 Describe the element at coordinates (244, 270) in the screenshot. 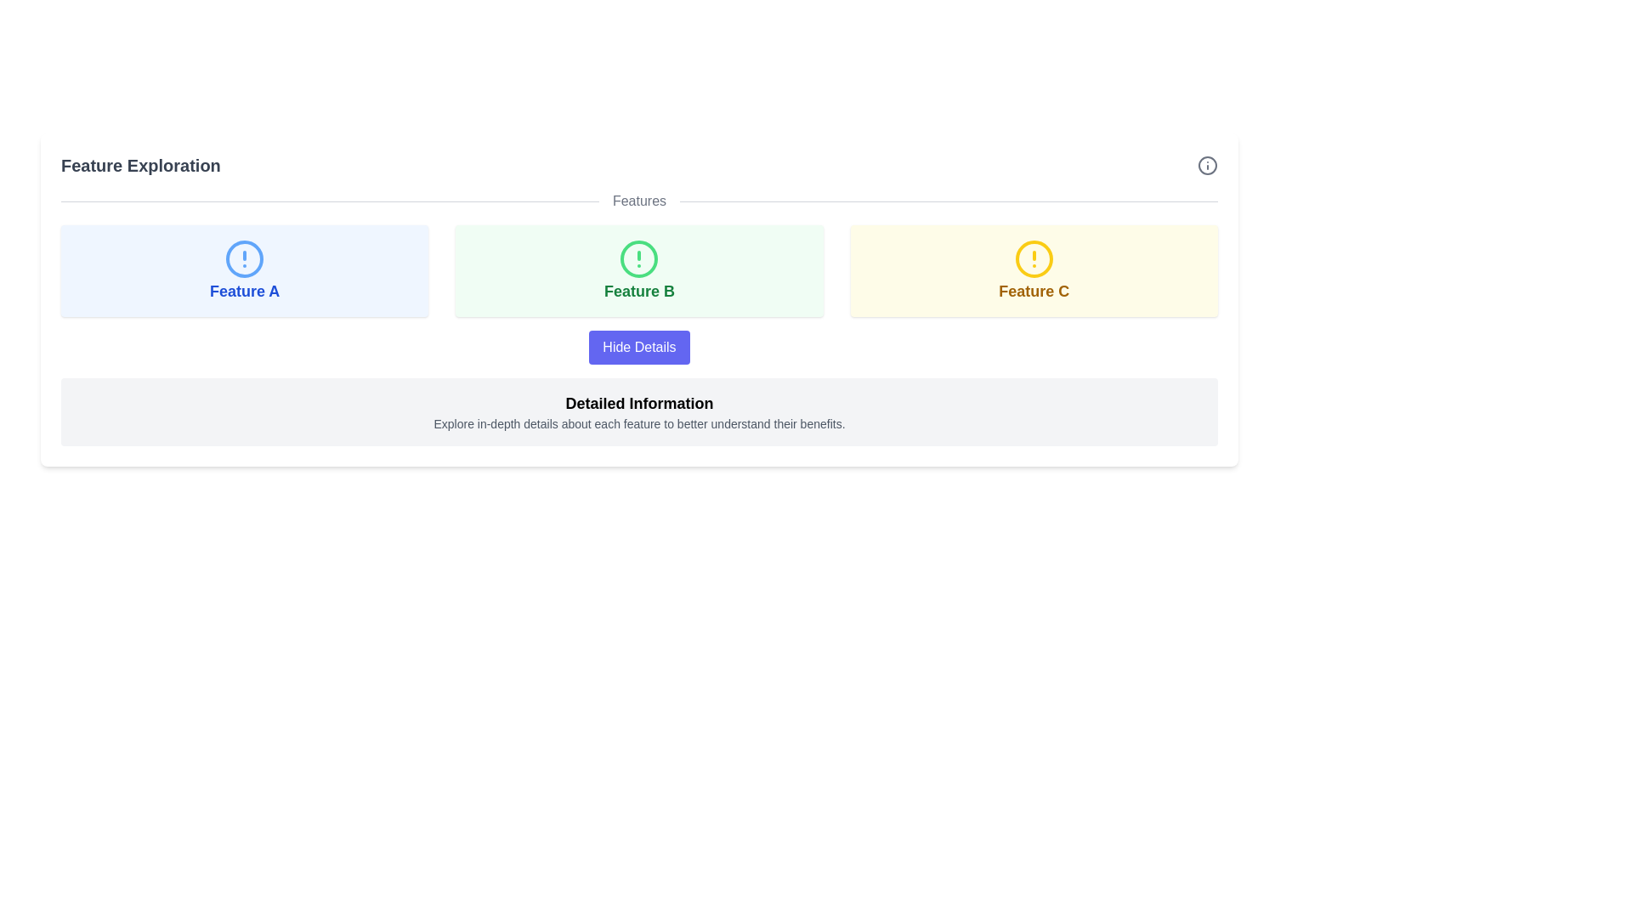

I see `the informational card labeled 'Feature A' which is the first in a grid of three horizontally aligned cards` at that location.